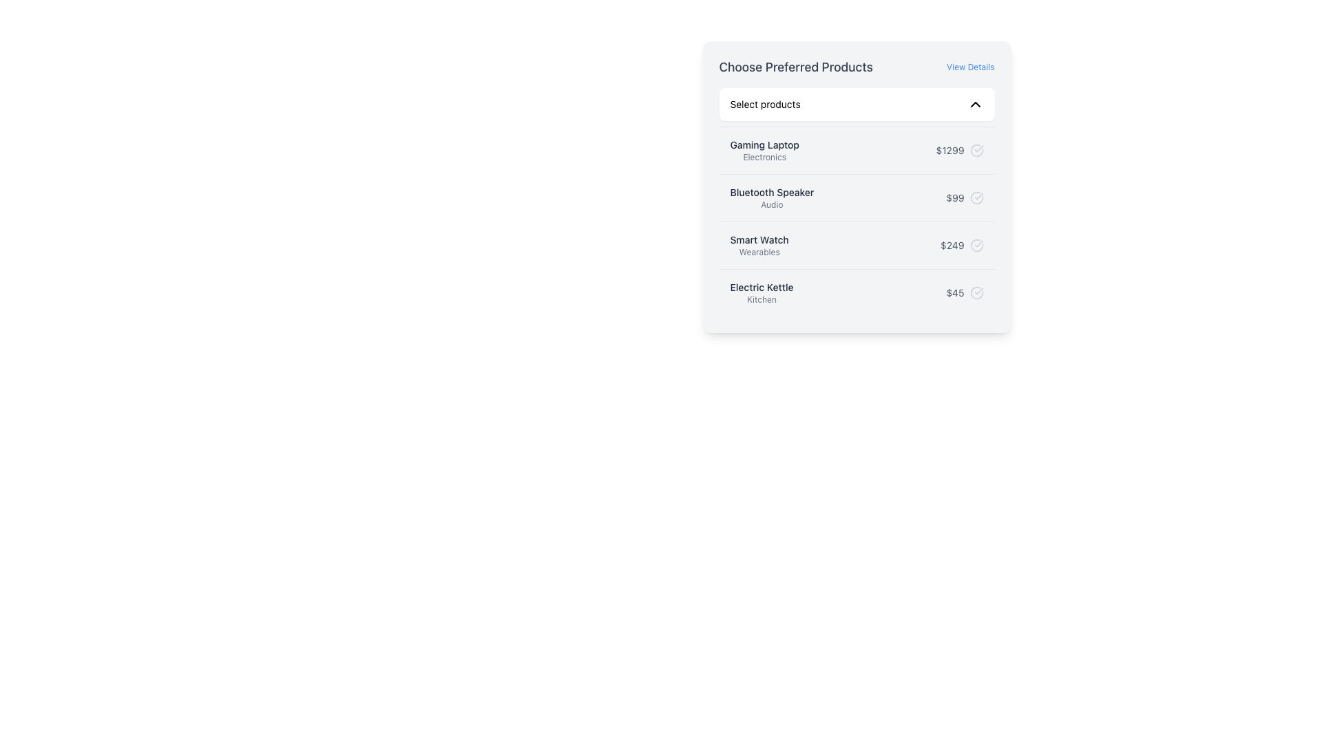  I want to click on the product item titled 'Electric Kettle' in the 'Choose Preferred Products' list, so click(856, 292).